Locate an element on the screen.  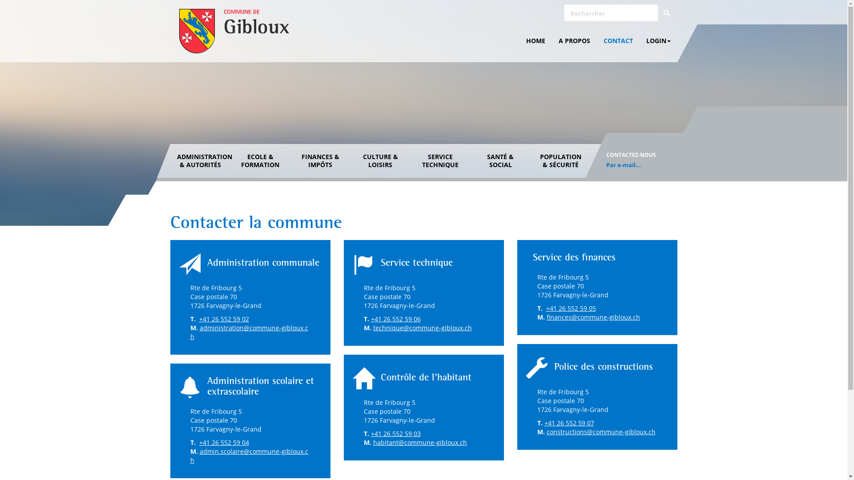
'CONTACT' is located at coordinates (618, 41).